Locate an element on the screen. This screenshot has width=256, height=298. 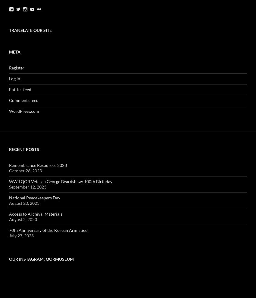
'September 12, 2023' is located at coordinates (27, 187).